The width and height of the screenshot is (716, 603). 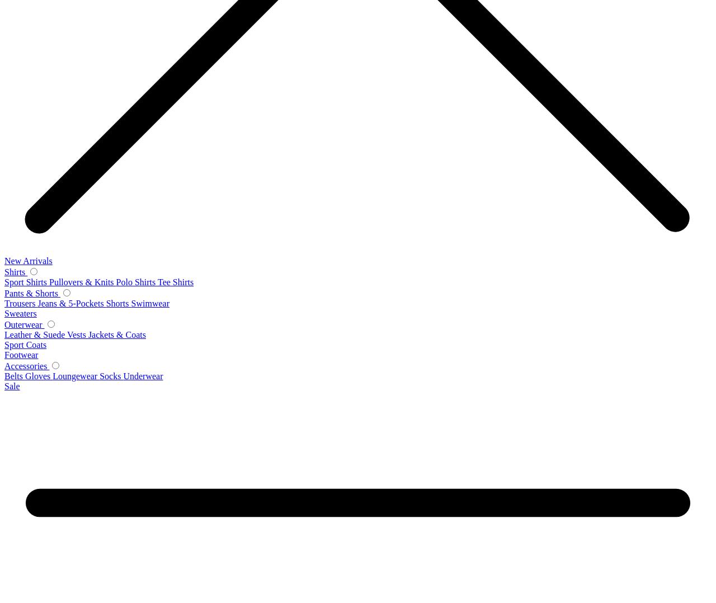 What do you see at coordinates (32, 293) in the screenshot?
I see `'Pants & Shorts'` at bounding box center [32, 293].